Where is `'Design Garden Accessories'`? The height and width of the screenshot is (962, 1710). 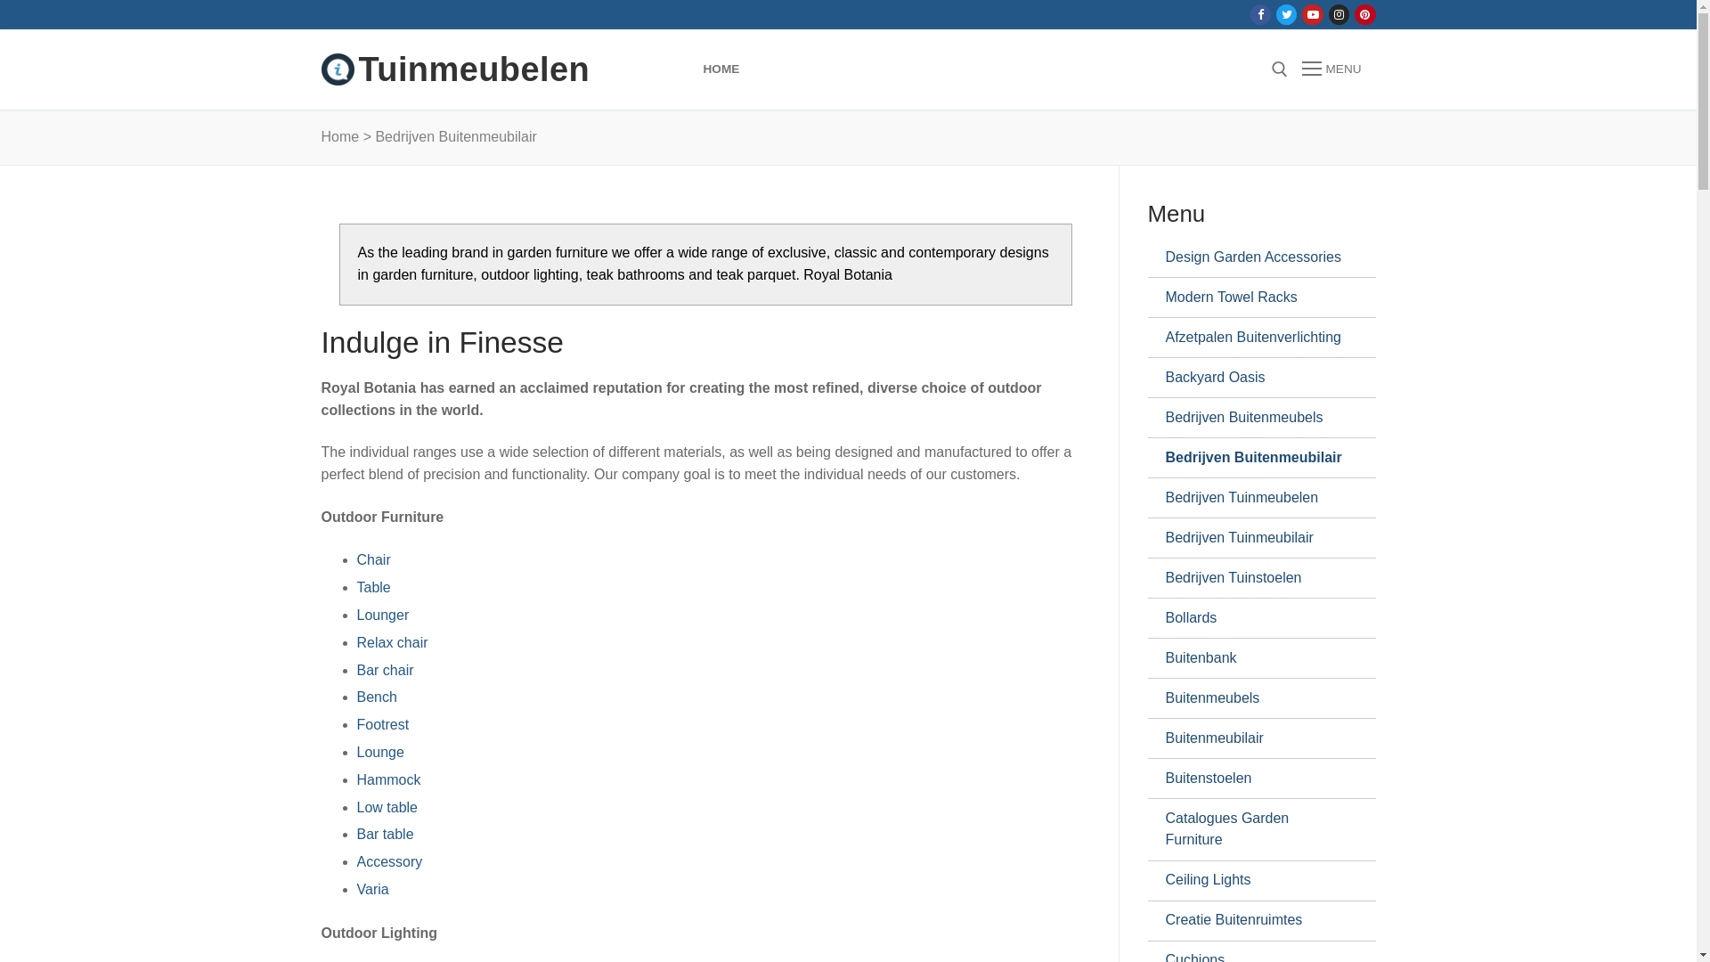
'Design Garden Accessories' is located at coordinates (1252, 257).